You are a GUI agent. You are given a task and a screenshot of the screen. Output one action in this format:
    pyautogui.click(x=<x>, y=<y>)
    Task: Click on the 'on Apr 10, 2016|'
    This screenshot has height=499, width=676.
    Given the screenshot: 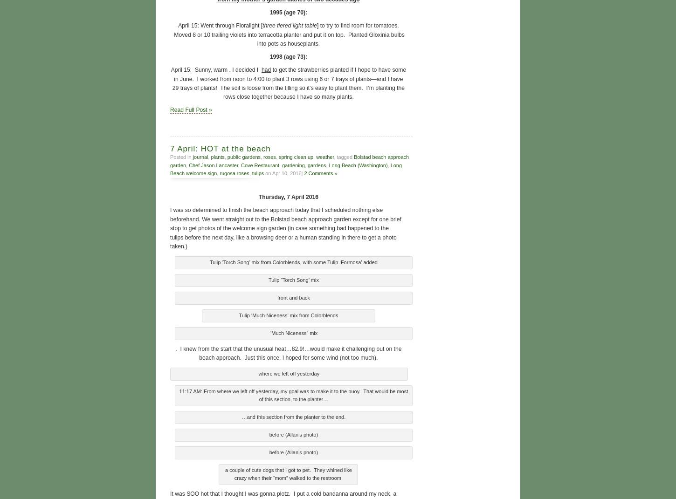 What is the action you would take?
    pyautogui.click(x=283, y=172)
    